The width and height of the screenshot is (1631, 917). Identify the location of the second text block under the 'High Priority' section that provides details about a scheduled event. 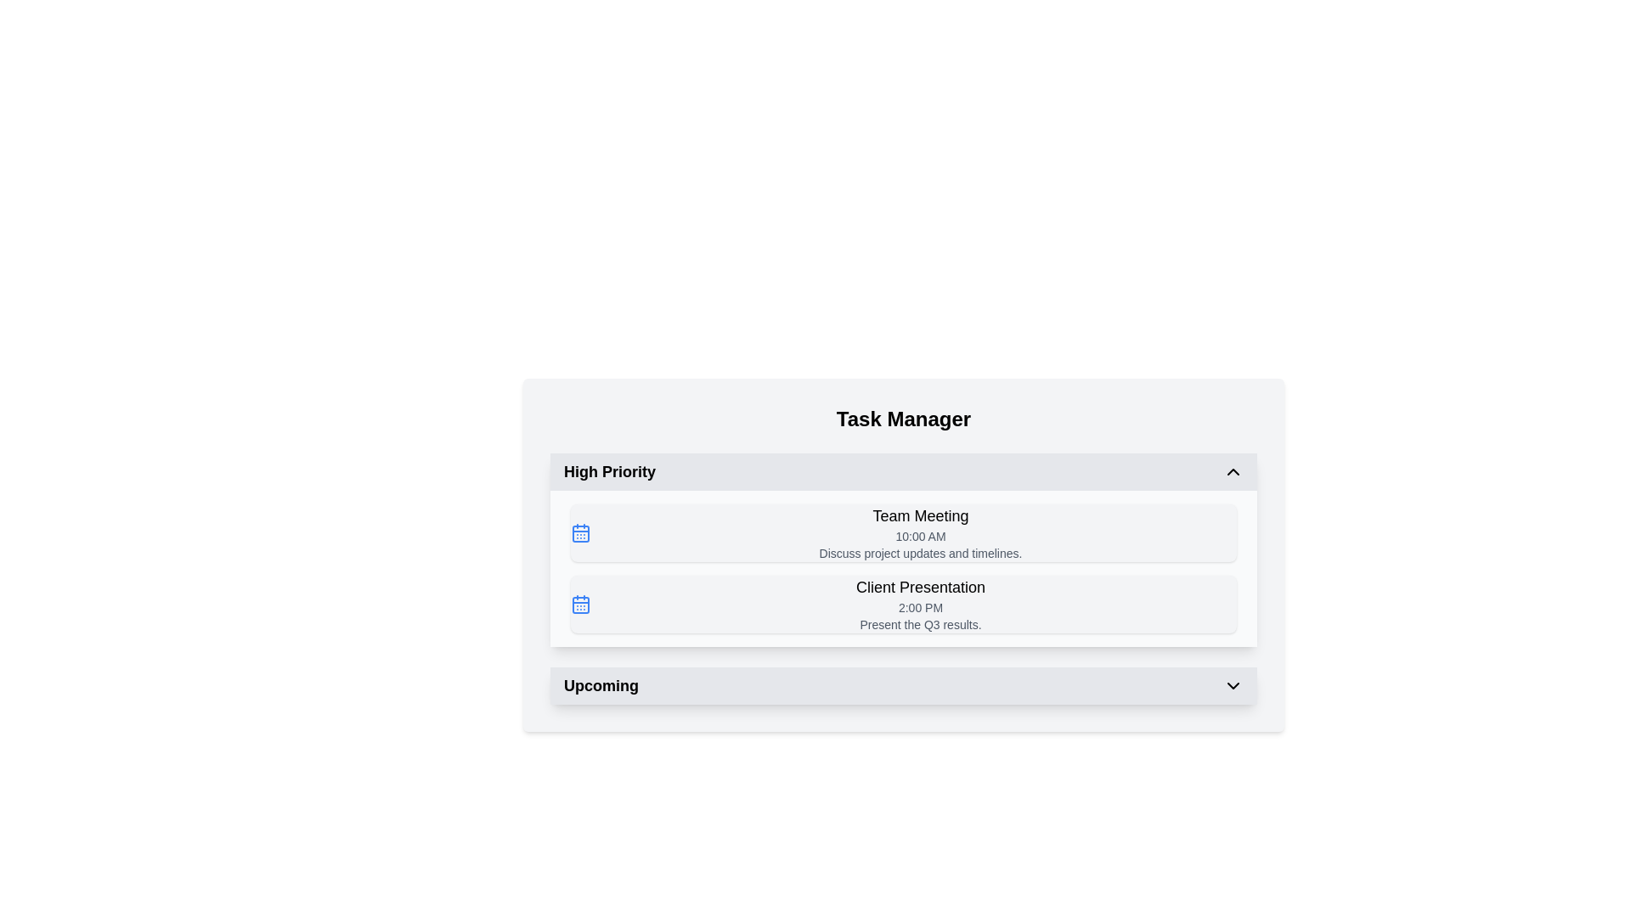
(920, 604).